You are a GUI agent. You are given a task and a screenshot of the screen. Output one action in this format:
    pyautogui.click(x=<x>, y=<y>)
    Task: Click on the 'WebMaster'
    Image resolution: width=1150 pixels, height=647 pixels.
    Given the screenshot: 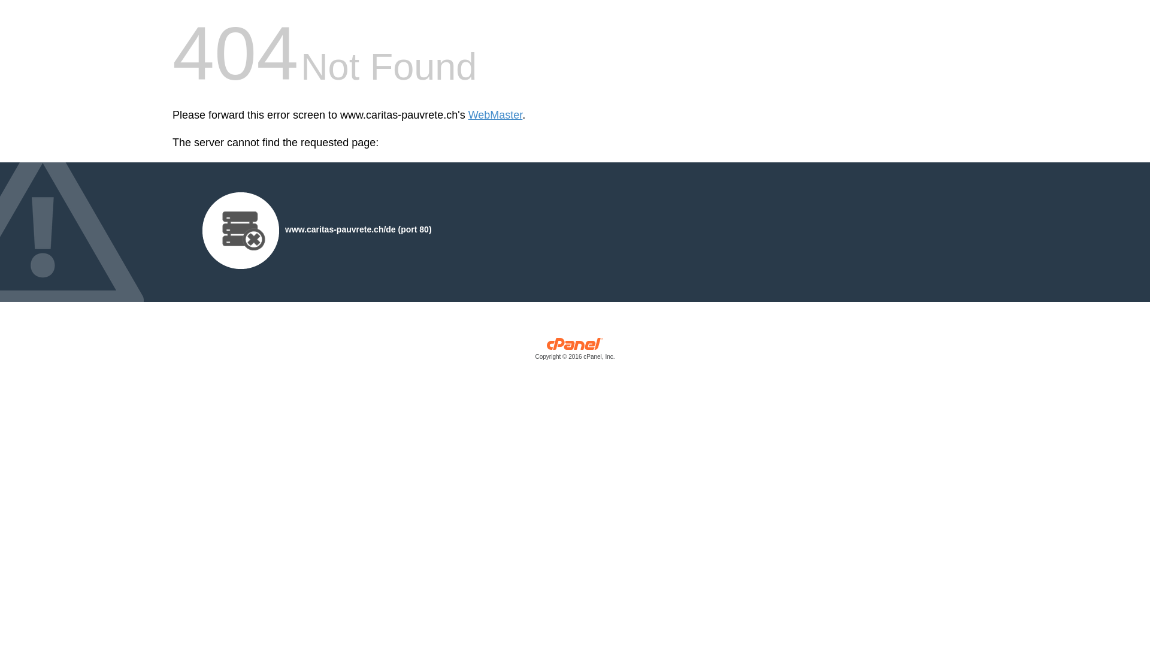 What is the action you would take?
    pyautogui.click(x=495, y=115)
    